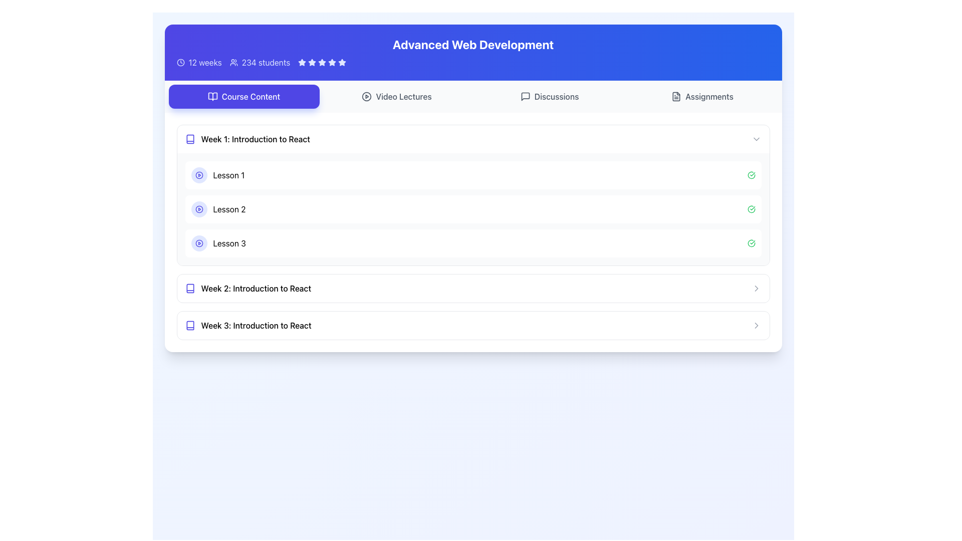  Describe the element at coordinates (342, 62) in the screenshot. I see `the fourth star icon in the course rating system, which visually represents the average rating of the course and is located in the top section of the page, aligned with other star icons` at that location.